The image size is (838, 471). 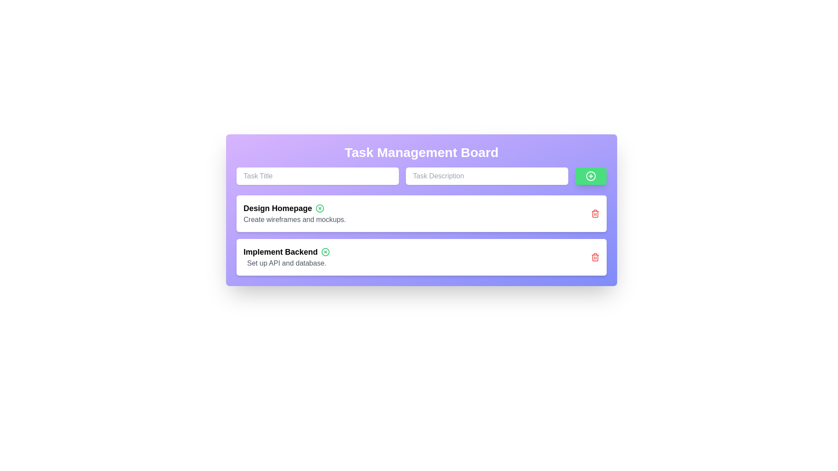 I want to click on the visually red rectangular icon representing the body of the trash bin located on the right-hand side of the interface, adjacent to a task label, so click(x=594, y=257).